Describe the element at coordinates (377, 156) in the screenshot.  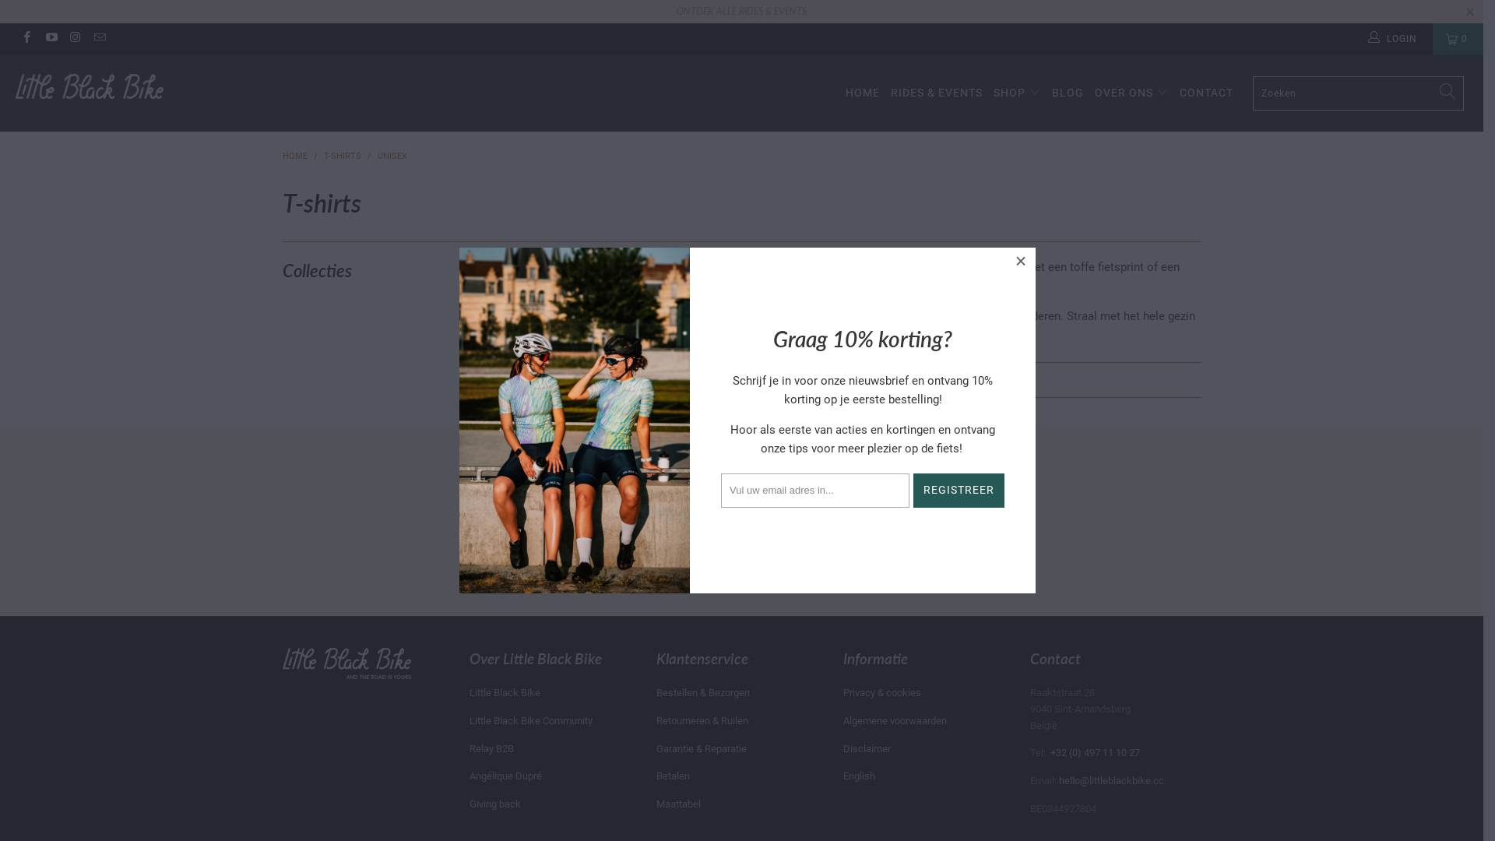
I see `'UNISEX'` at that location.